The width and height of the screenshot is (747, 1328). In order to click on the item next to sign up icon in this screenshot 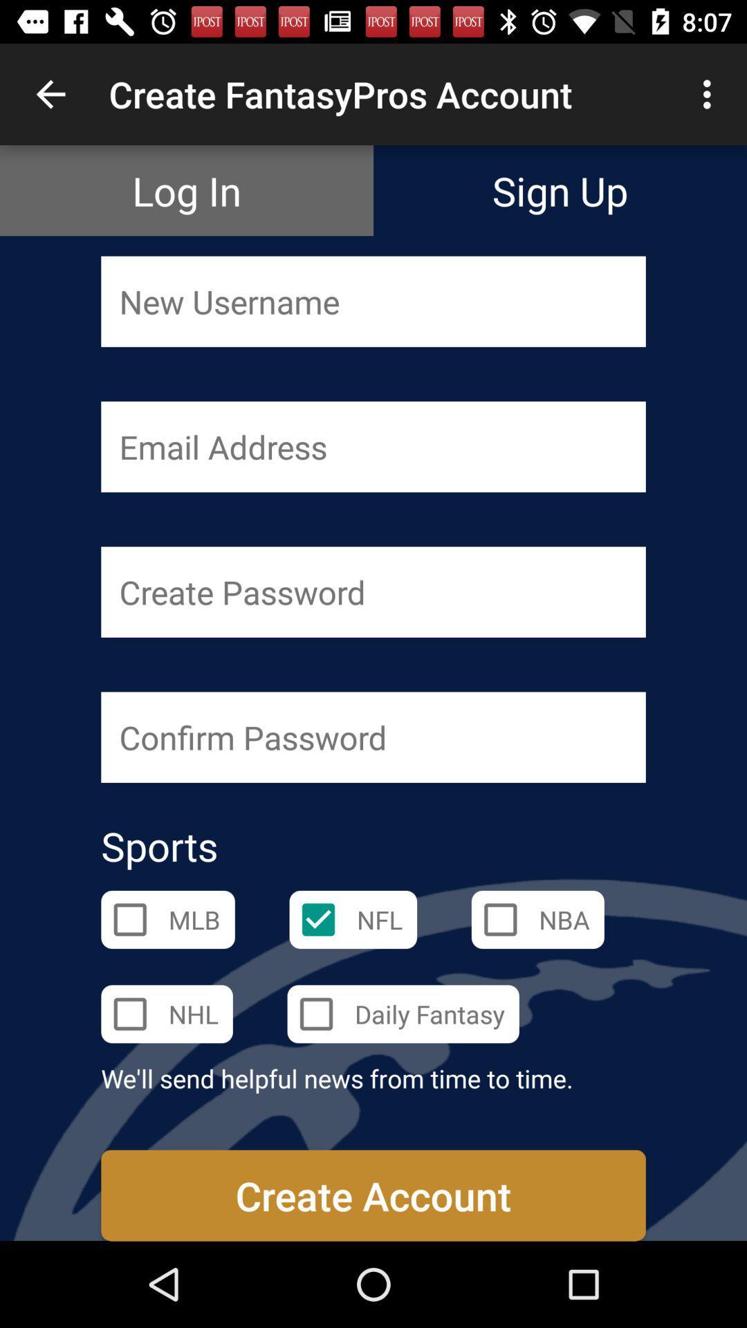, I will do `click(187, 190)`.